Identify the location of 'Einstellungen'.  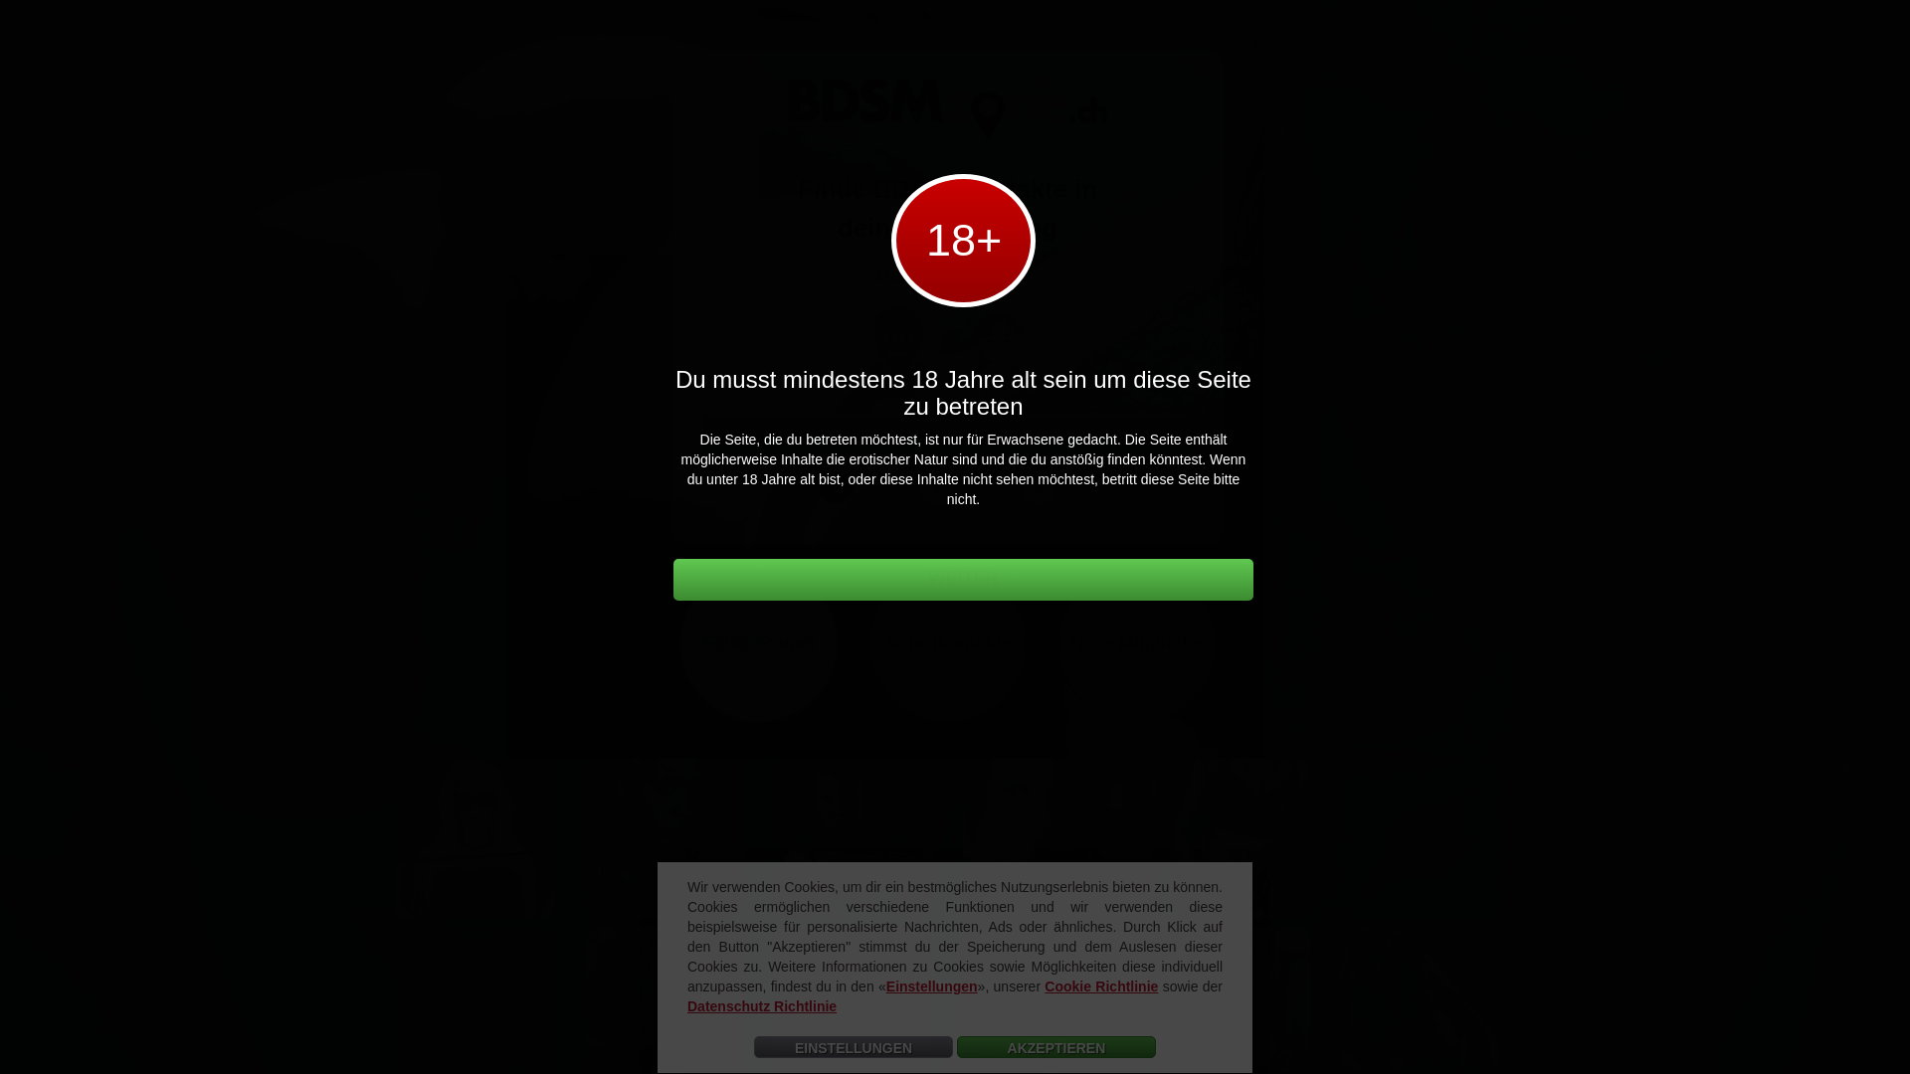
(885, 985).